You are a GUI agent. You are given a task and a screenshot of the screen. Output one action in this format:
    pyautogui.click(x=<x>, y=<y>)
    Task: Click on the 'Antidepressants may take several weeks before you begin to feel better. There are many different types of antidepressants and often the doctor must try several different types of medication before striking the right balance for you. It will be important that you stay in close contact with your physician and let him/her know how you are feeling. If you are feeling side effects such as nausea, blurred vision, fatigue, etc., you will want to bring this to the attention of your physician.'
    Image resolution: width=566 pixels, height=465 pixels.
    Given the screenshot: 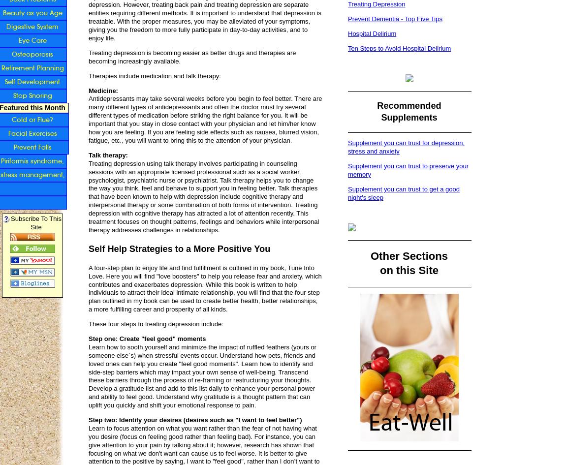 What is the action you would take?
    pyautogui.click(x=205, y=119)
    